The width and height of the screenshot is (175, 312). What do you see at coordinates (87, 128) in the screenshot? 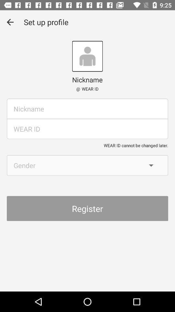
I see `id option` at bounding box center [87, 128].